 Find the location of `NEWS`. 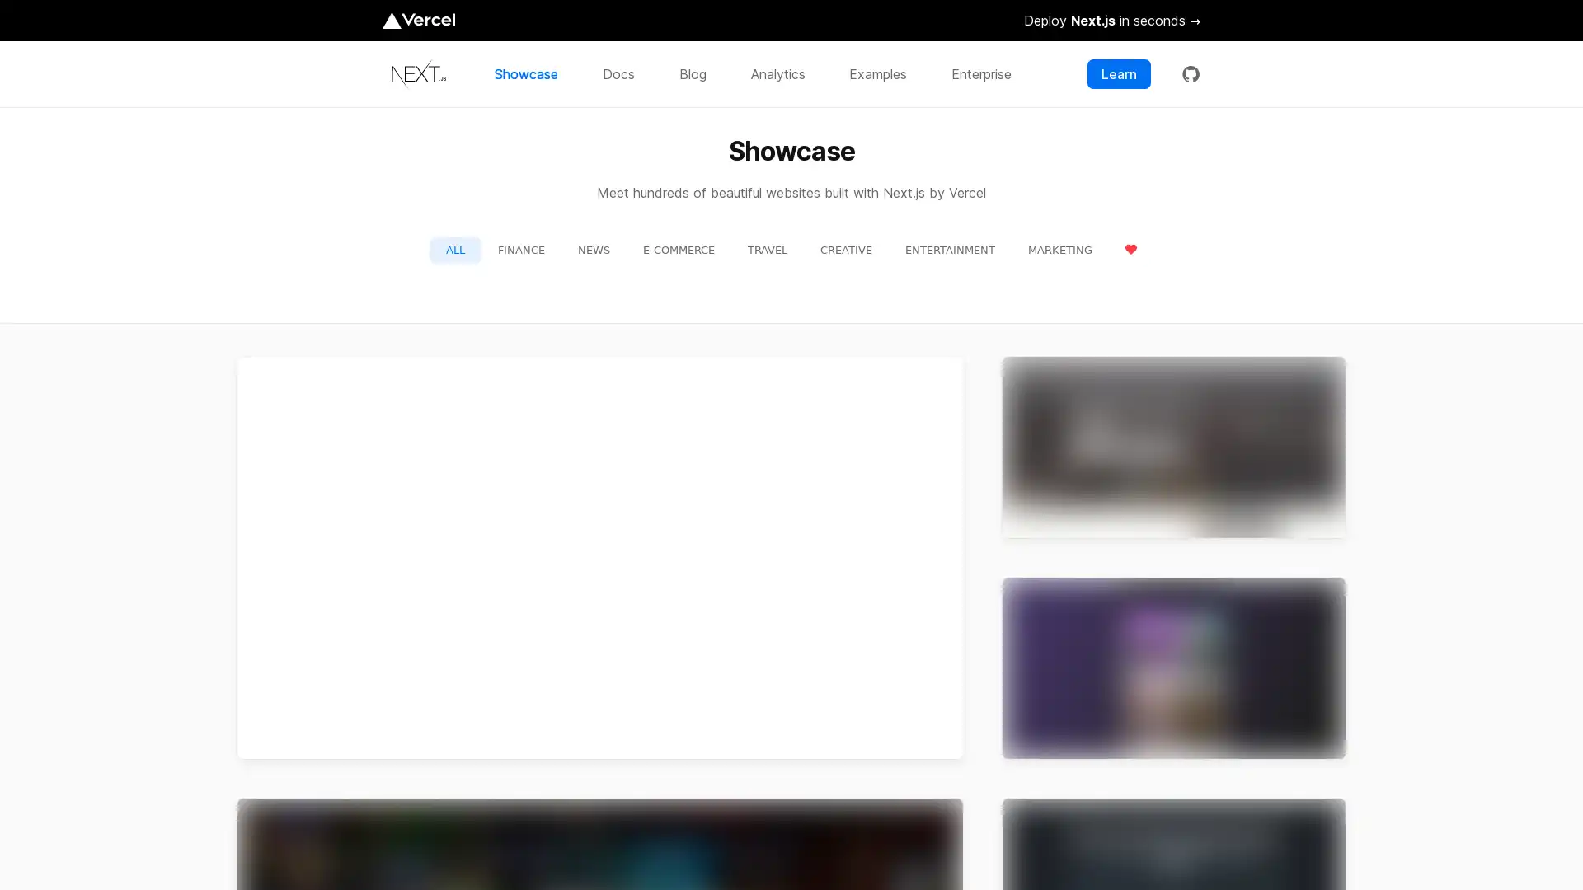

NEWS is located at coordinates (594, 250).